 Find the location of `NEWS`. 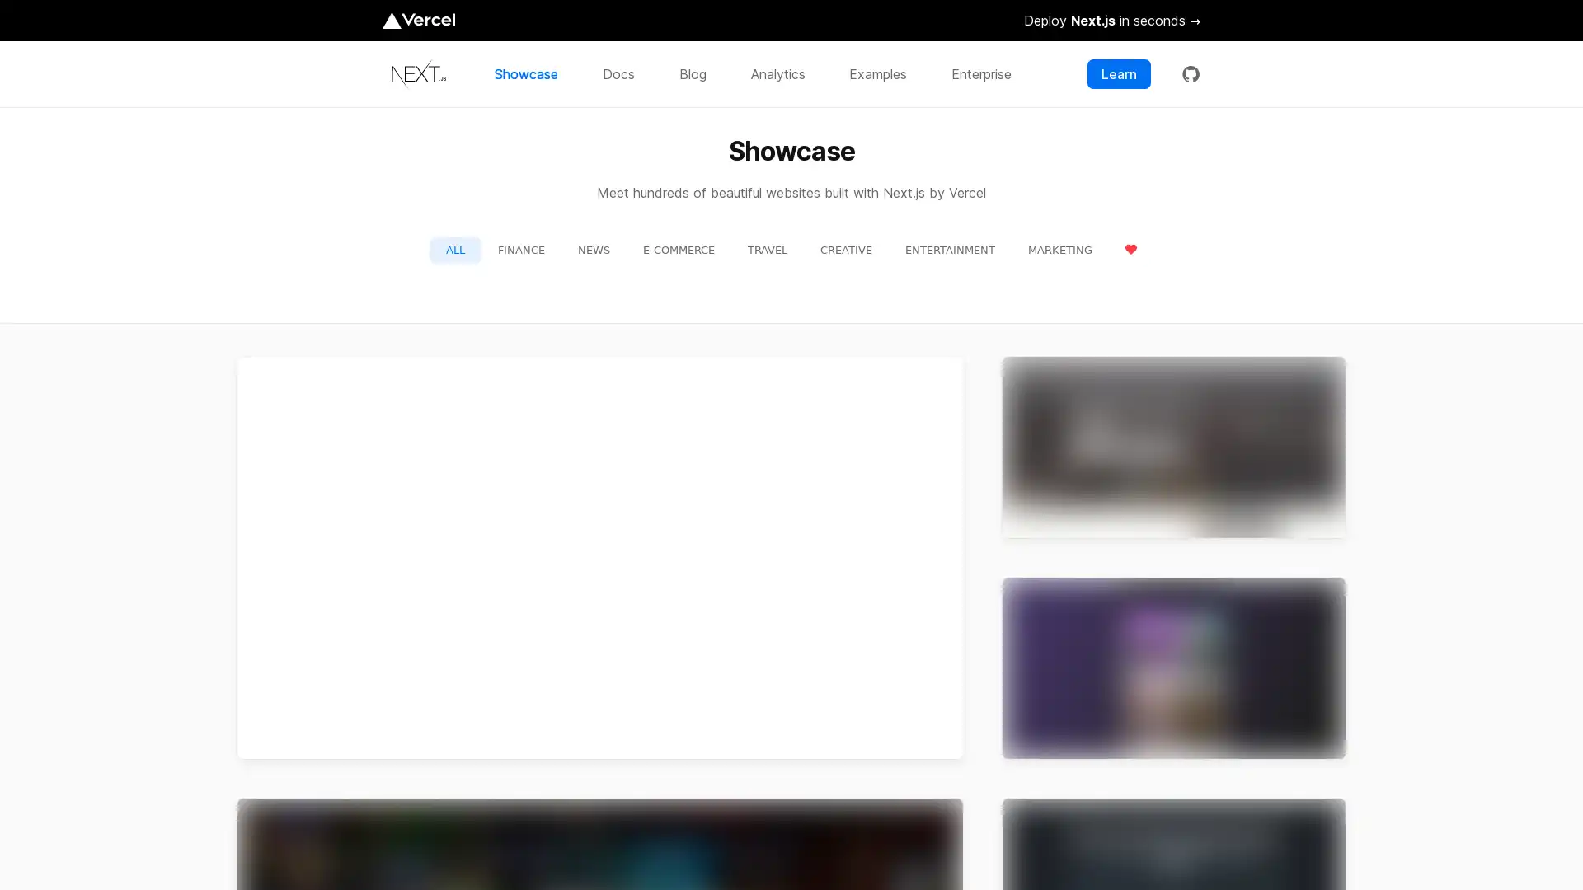

NEWS is located at coordinates (594, 250).